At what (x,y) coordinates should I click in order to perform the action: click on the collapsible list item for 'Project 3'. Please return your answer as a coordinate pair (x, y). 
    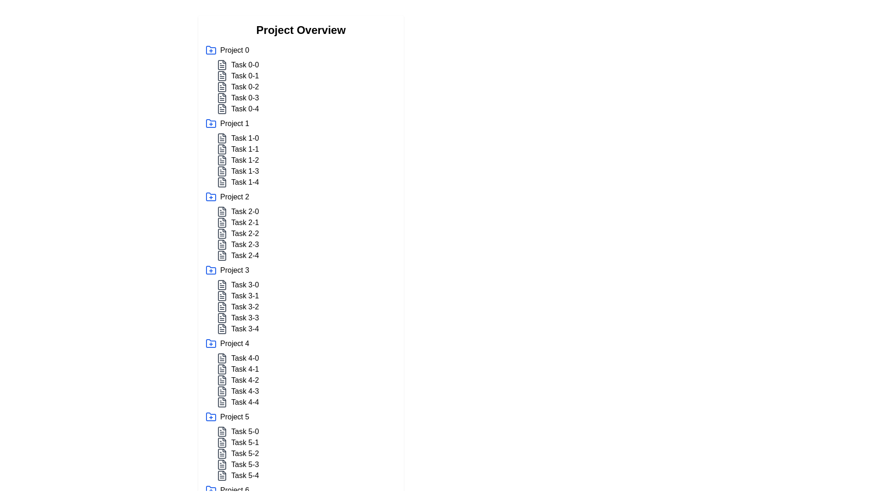
    Looking at the image, I should click on (301, 270).